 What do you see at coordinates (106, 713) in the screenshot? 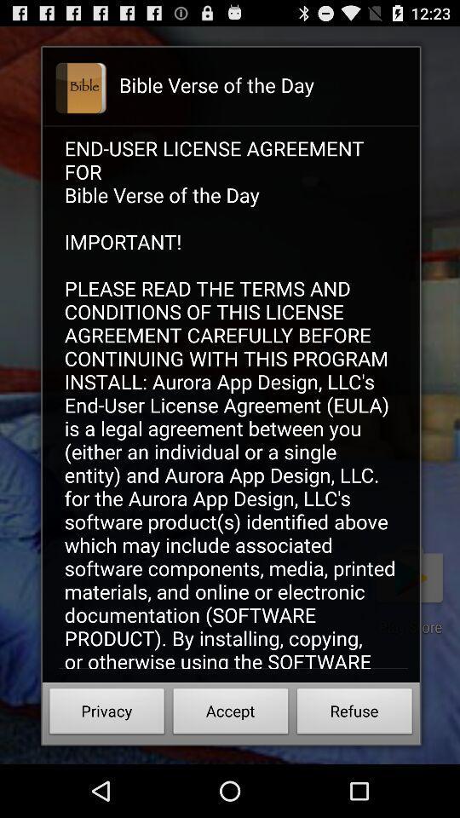
I see `the privacy at the bottom left corner` at bounding box center [106, 713].